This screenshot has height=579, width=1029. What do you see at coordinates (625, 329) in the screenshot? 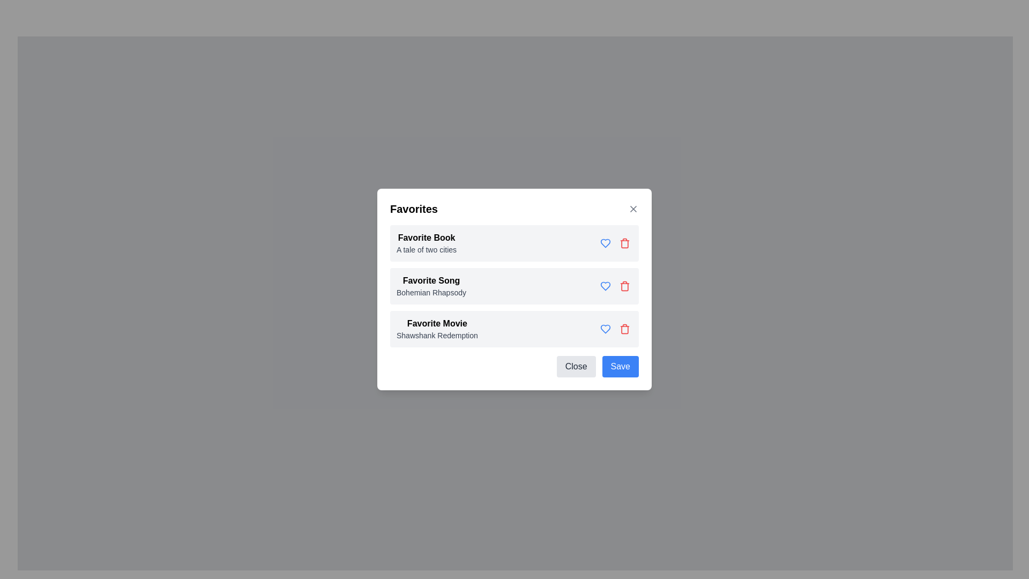
I see `the trash icon in the third favorite item row, located to the right of 'Favorite Movie: Shawshank Redemption'` at bounding box center [625, 329].